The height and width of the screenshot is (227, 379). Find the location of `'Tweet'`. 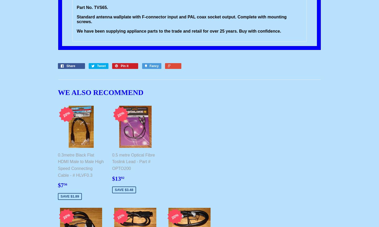

'Tweet' is located at coordinates (97, 66).